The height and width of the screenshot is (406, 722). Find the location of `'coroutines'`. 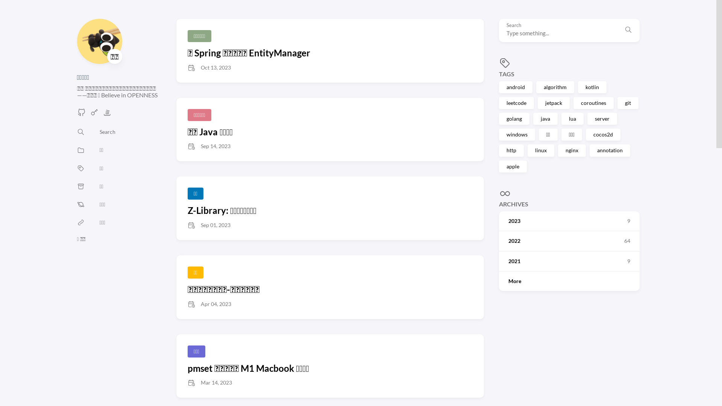

'coroutines' is located at coordinates (593, 103).